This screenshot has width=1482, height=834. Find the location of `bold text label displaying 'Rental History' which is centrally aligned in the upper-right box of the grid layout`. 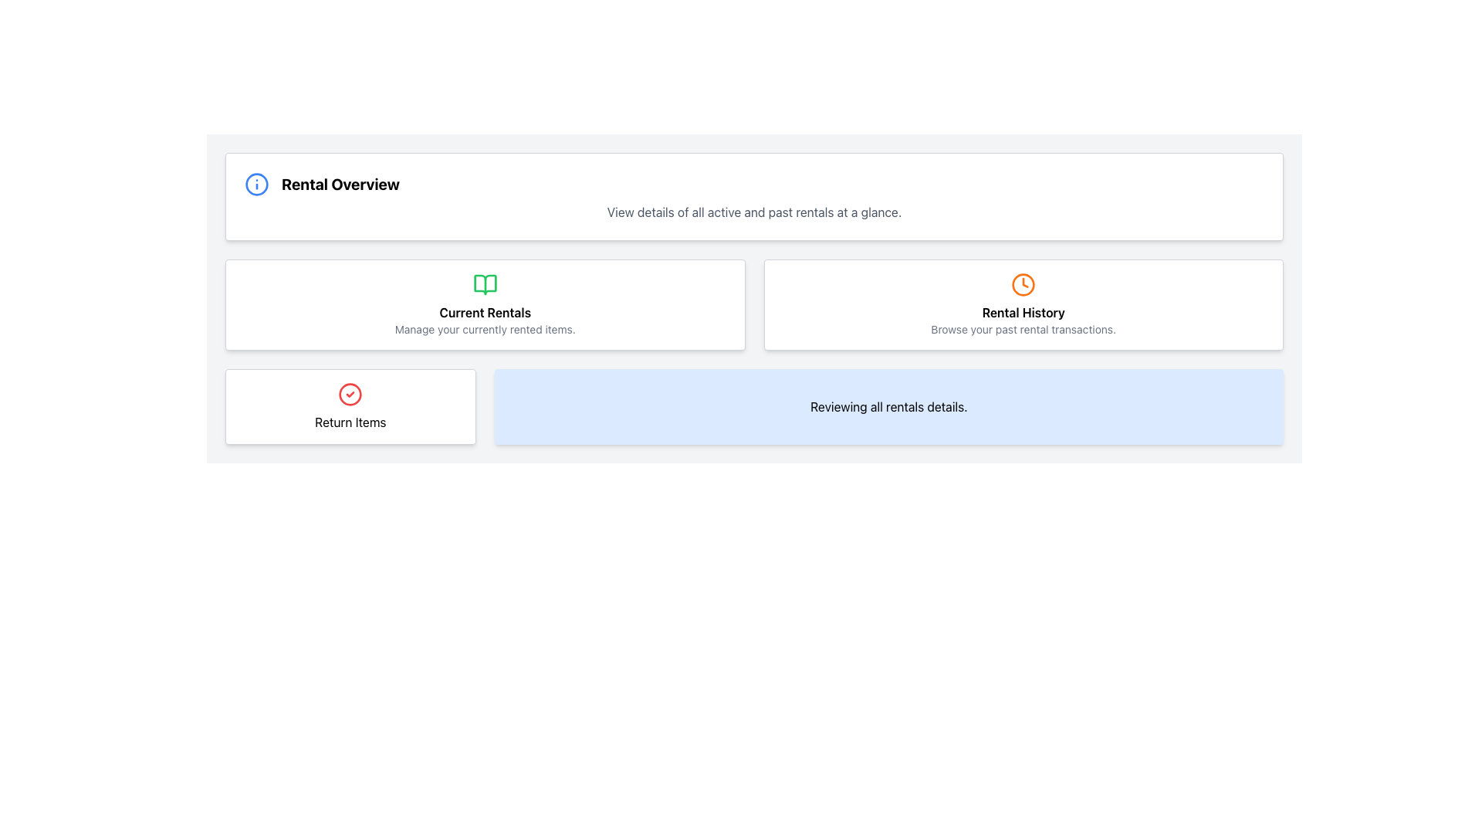

bold text label displaying 'Rental History' which is centrally aligned in the upper-right box of the grid layout is located at coordinates (1024, 313).